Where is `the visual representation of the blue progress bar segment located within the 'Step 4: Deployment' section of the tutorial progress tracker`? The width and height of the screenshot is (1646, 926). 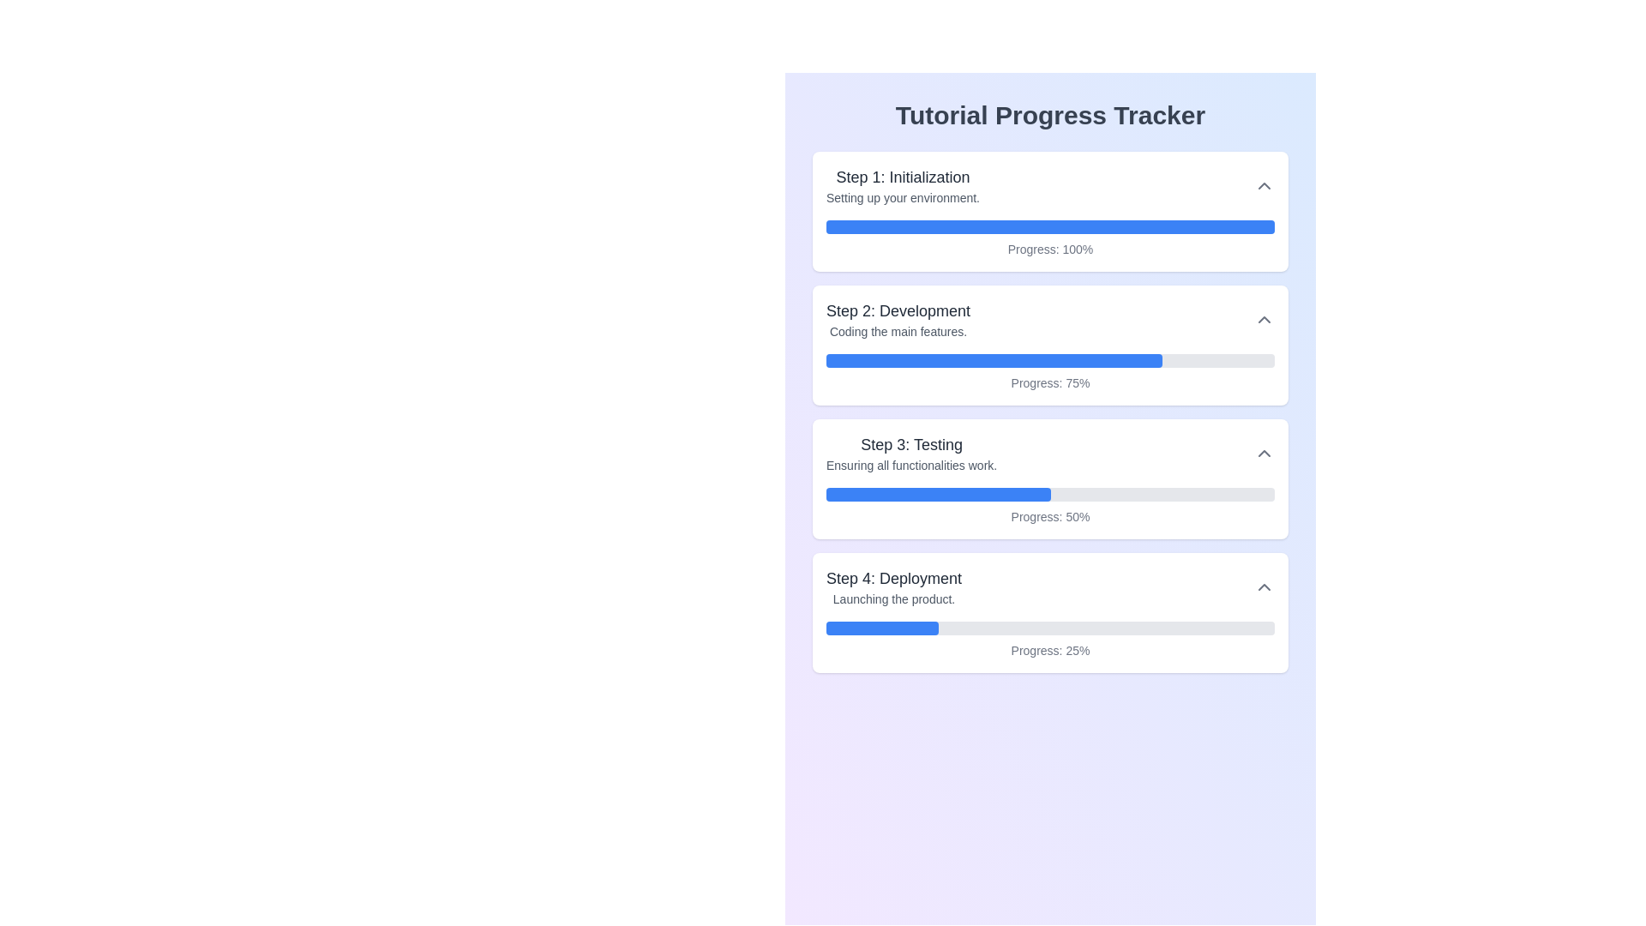 the visual representation of the blue progress bar segment located within the 'Step 4: Deployment' section of the tutorial progress tracker is located at coordinates (882, 628).